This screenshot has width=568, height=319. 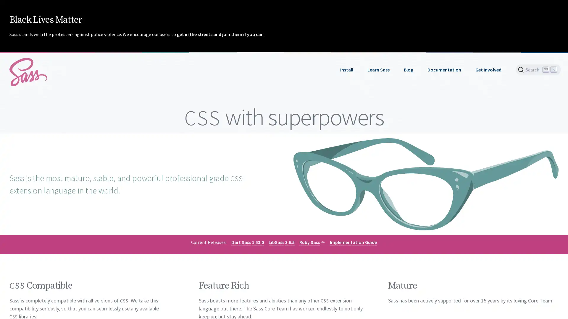 What do you see at coordinates (538, 69) in the screenshot?
I see `Search` at bounding box center [538, 69].